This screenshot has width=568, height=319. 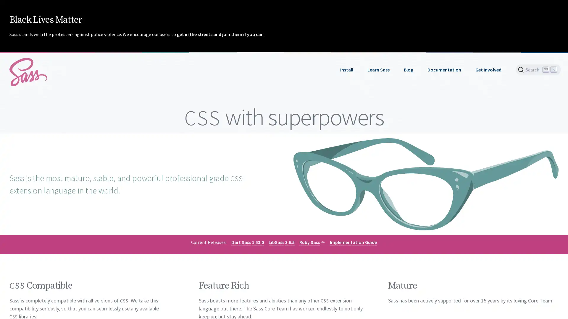 What do you see at coordinates (538, 69) in the screenshot?
I see `Search` at bounding box center [538, 69].